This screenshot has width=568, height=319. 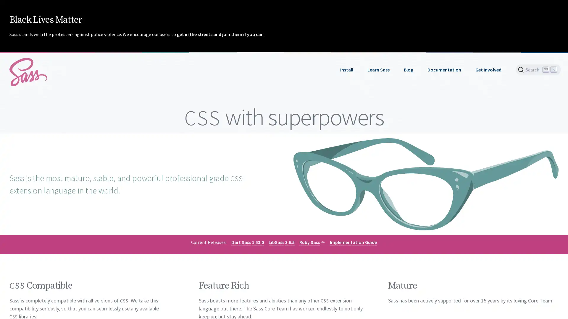 What do you see at coordinates (538, 69) in the screenshot?
I see `Search` at bounding box center [538, 69].